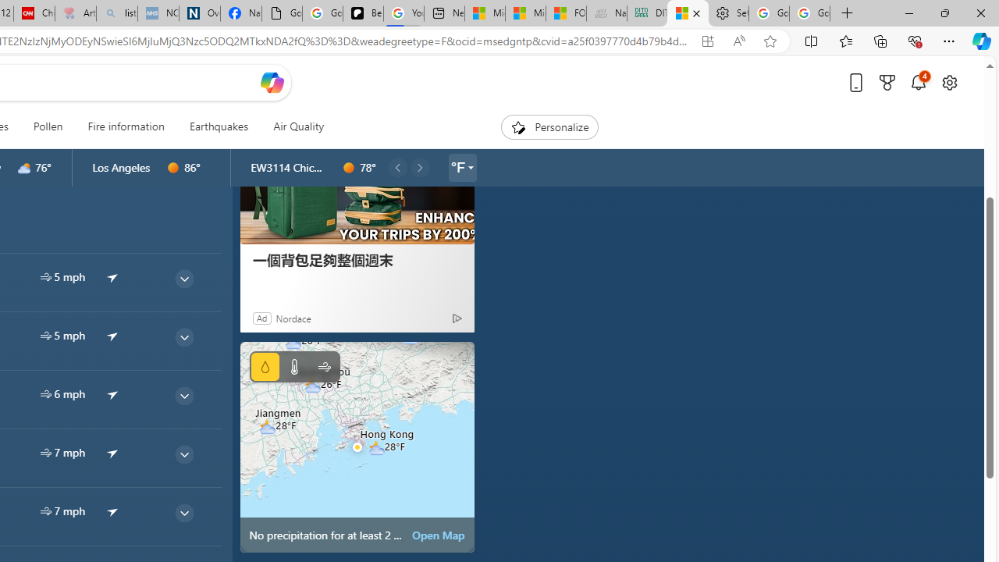 The height and width of the screenshot is (562, 999). Describe the element at coordinates (298, 126) in the screenshot. I see `'Air Quality'` at that location.